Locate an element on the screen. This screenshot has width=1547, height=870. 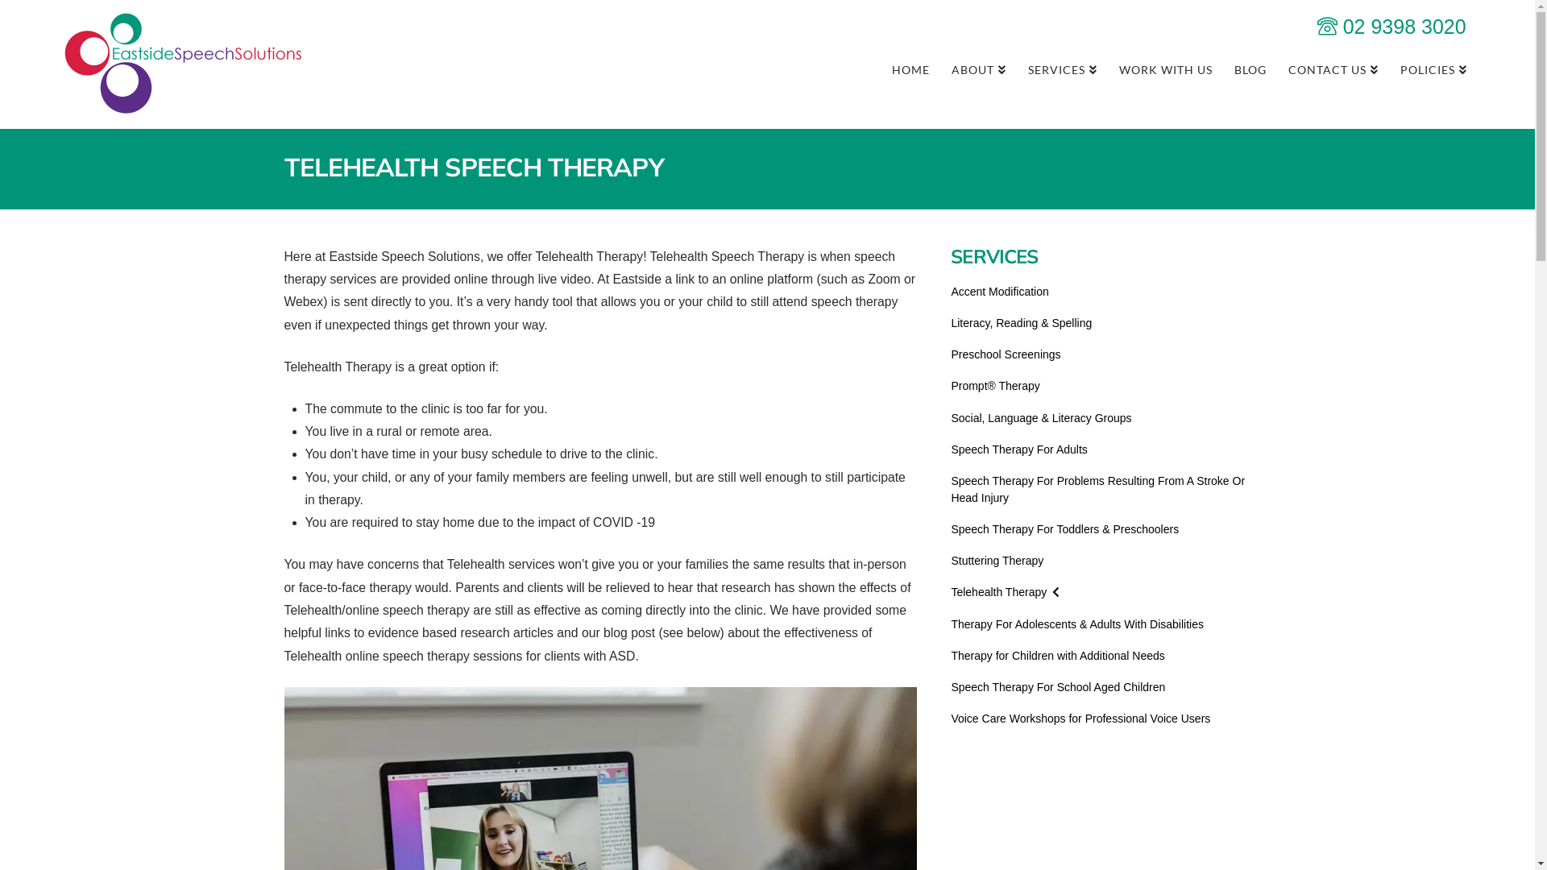
'Voice Care Workshops for Professional Voice Users' is located at coordinates (1080, 718).